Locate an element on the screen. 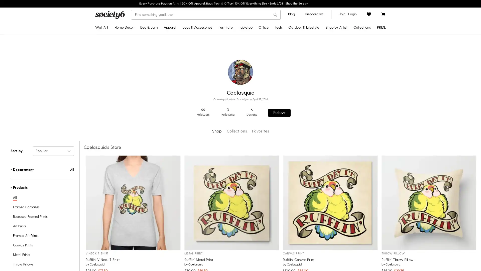 The width and height of the screenshot is (481, 271). Laptop Sleeves is located at coordinates (296, 104).